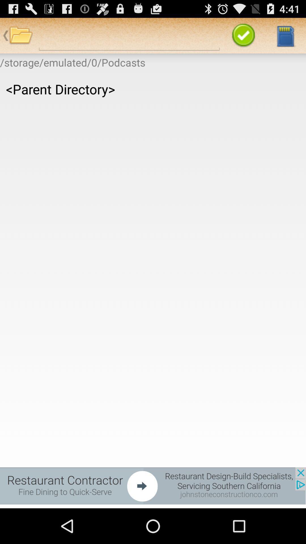 This screenshot has width=306, height=544. Describe the element at coordinates (153, 485) in the screenshot. I see `open advertisement` at that location.